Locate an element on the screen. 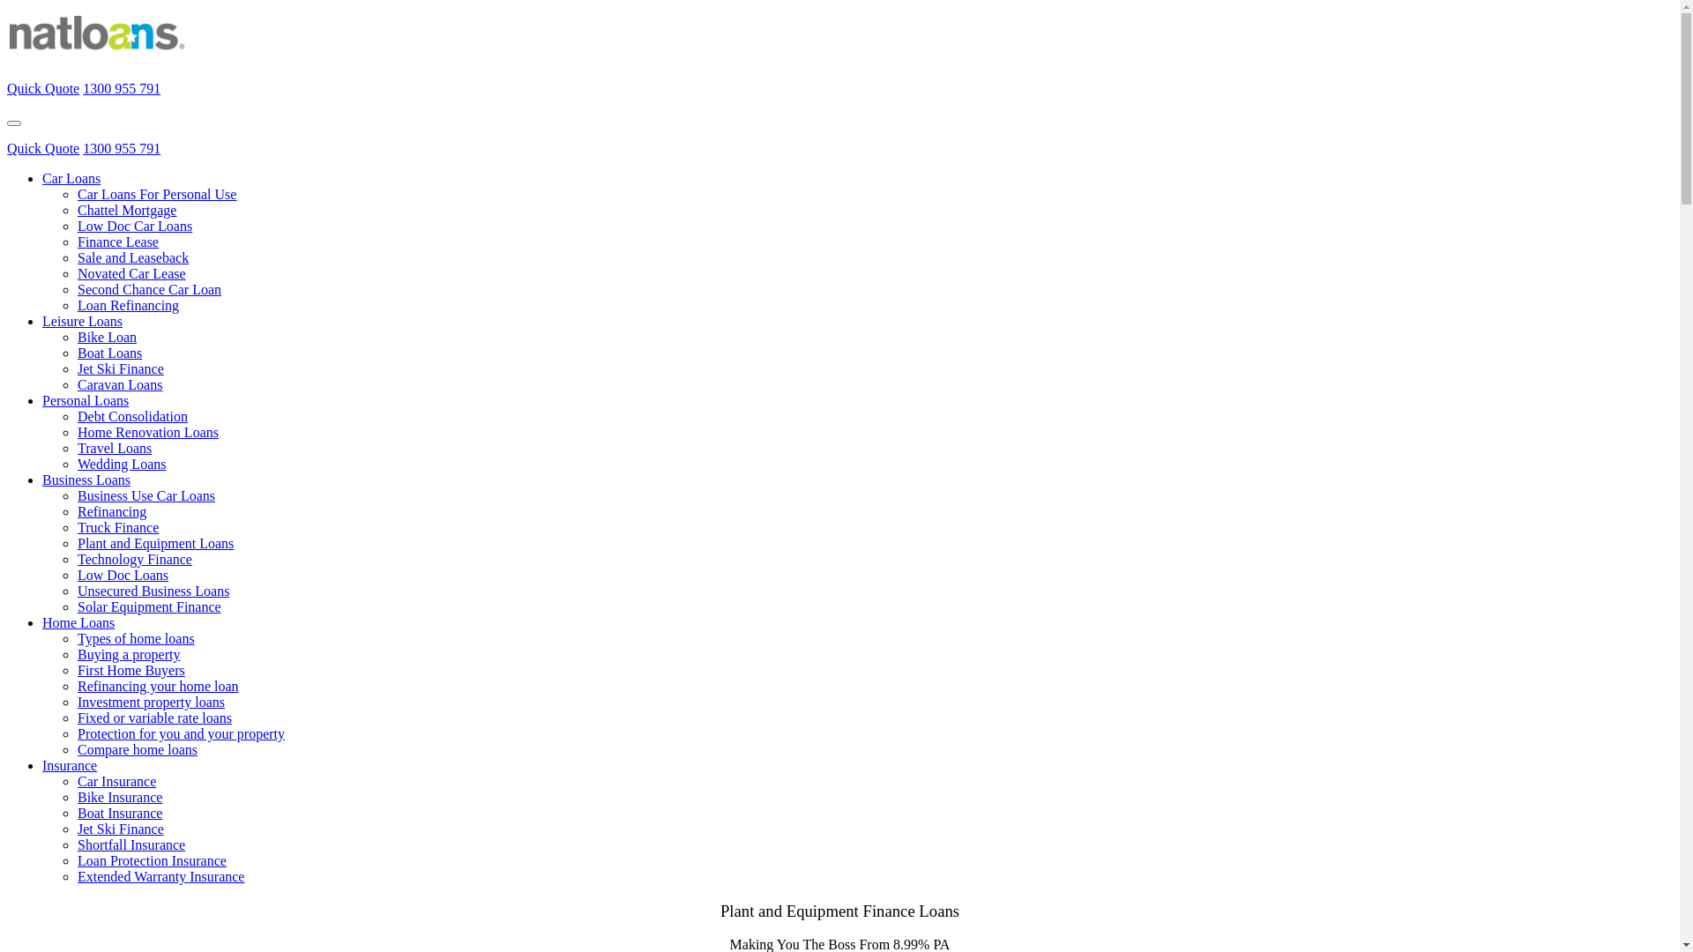  'Low Doc Loans' is located at coordinates (76, 575).